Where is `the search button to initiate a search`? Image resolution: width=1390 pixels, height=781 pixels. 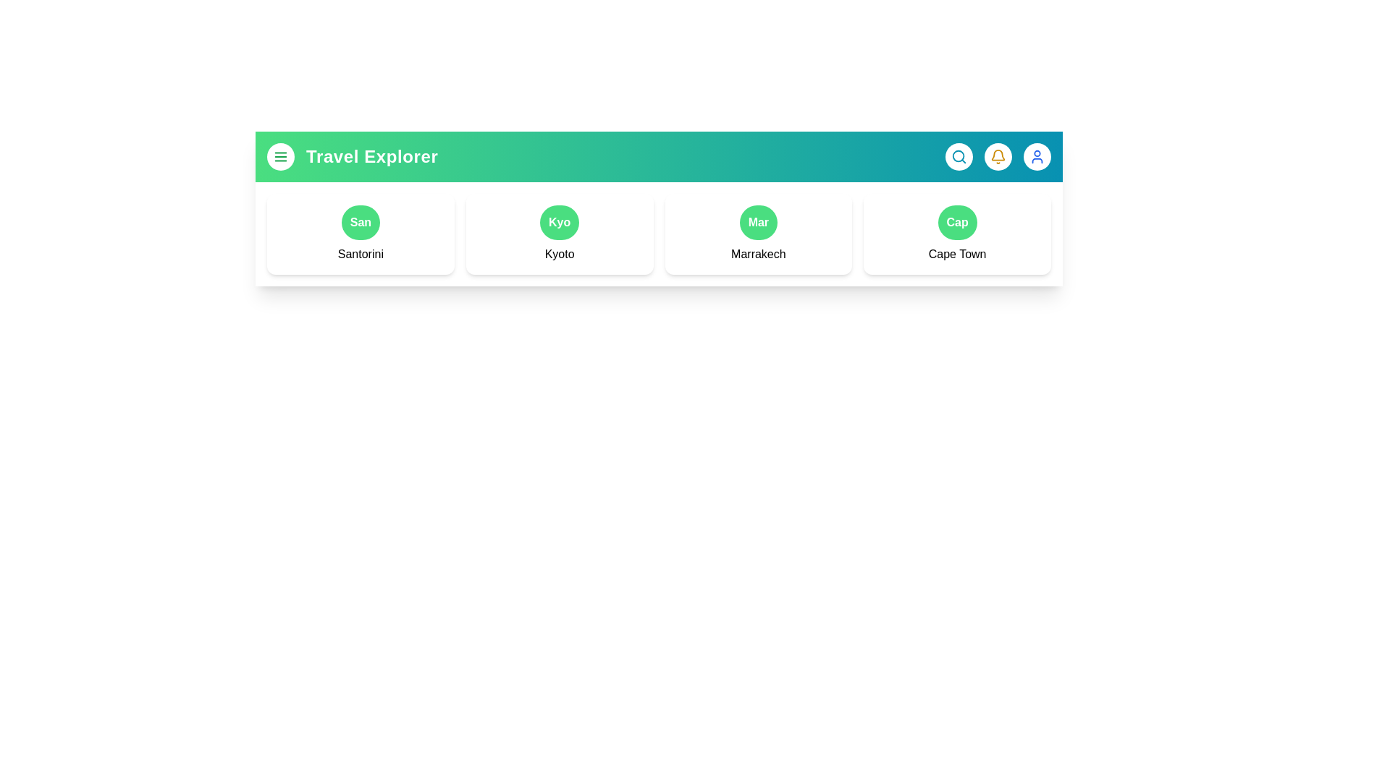
the search button to initiate a search is located at coordinates (959, 156).